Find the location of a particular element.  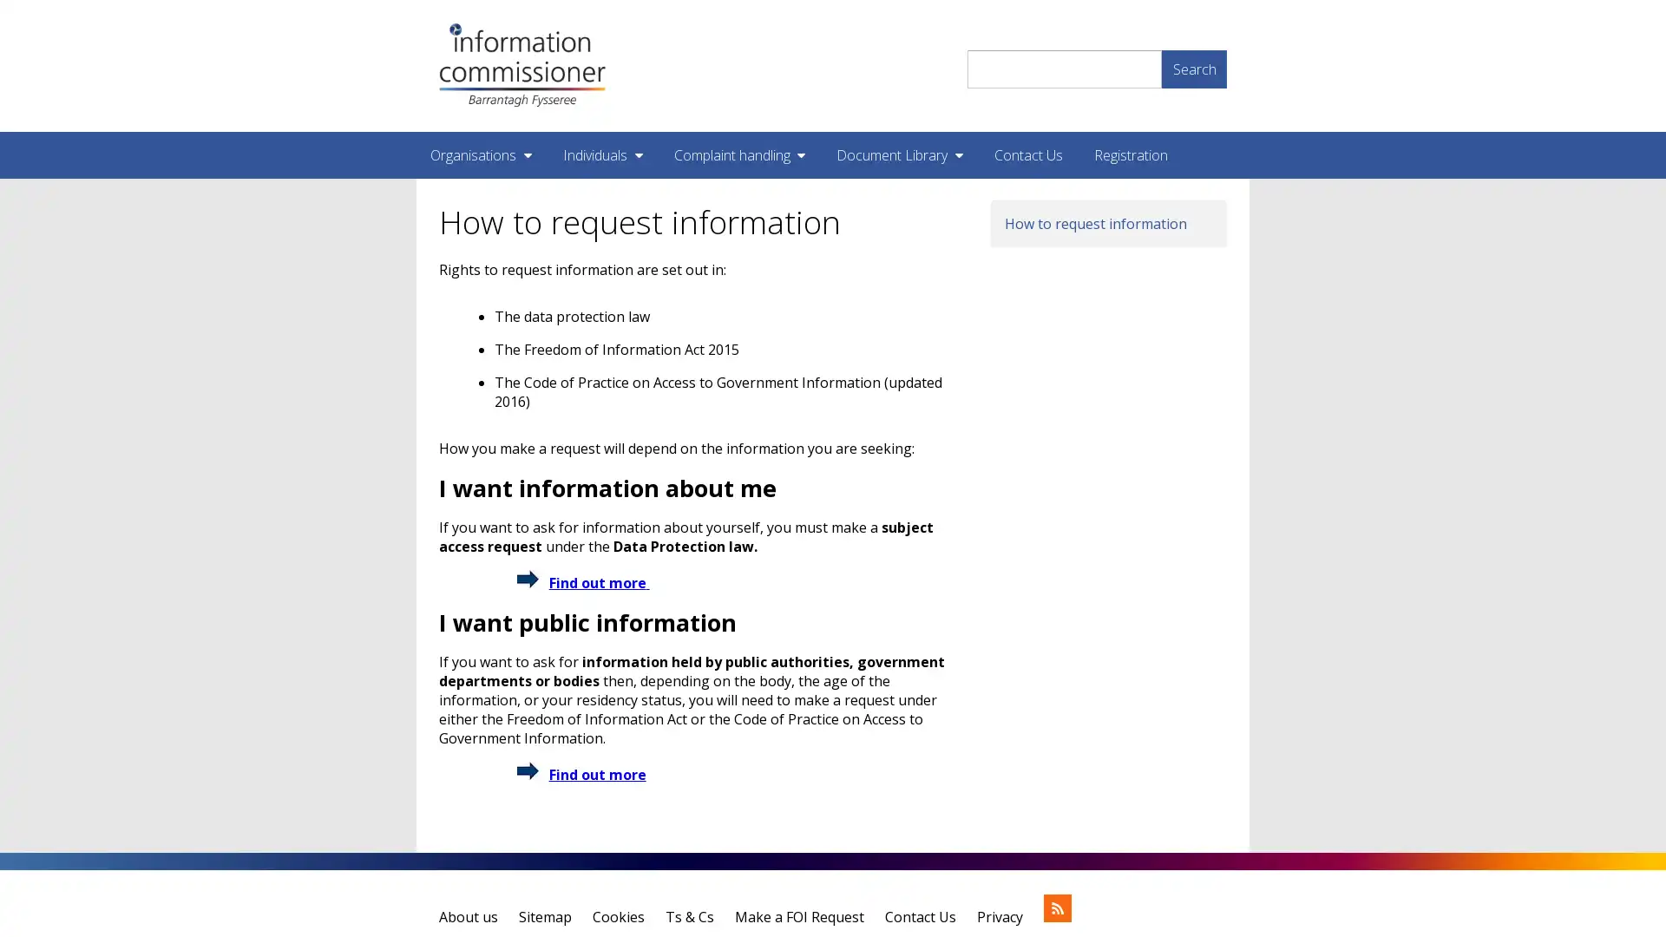

Search is located at coordinates (1193, 67).